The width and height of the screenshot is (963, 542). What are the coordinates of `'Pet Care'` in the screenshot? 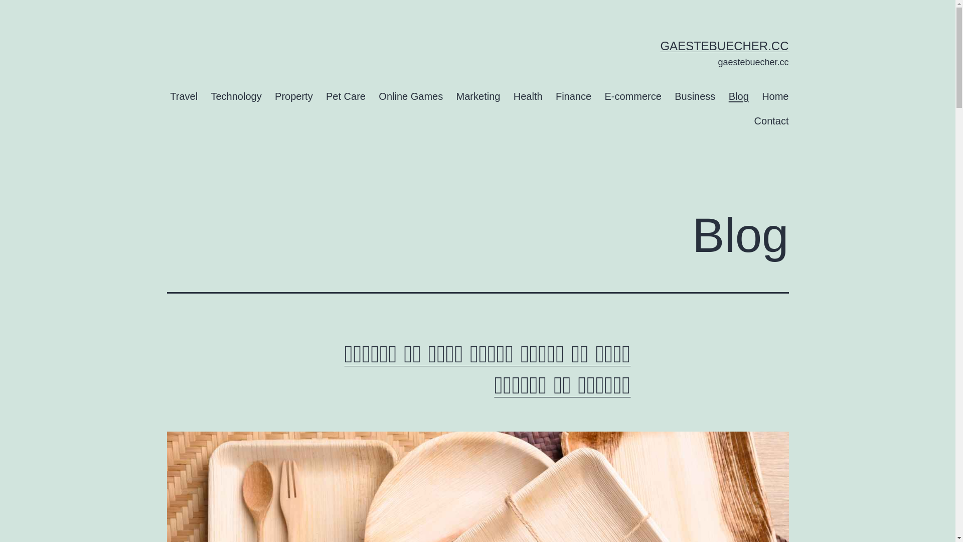 It's located at (346, 96).